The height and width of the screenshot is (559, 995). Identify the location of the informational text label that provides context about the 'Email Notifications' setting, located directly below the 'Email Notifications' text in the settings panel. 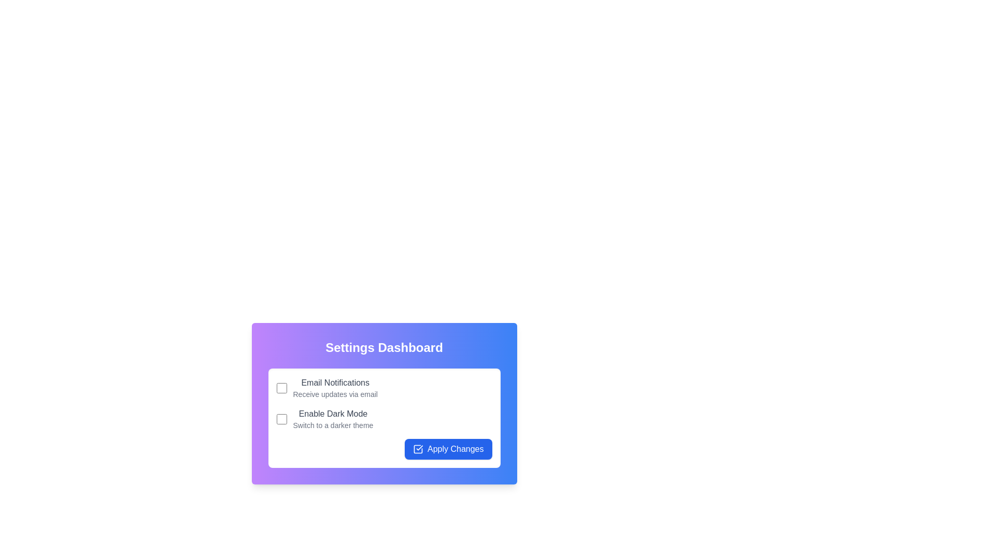
(335, 394).